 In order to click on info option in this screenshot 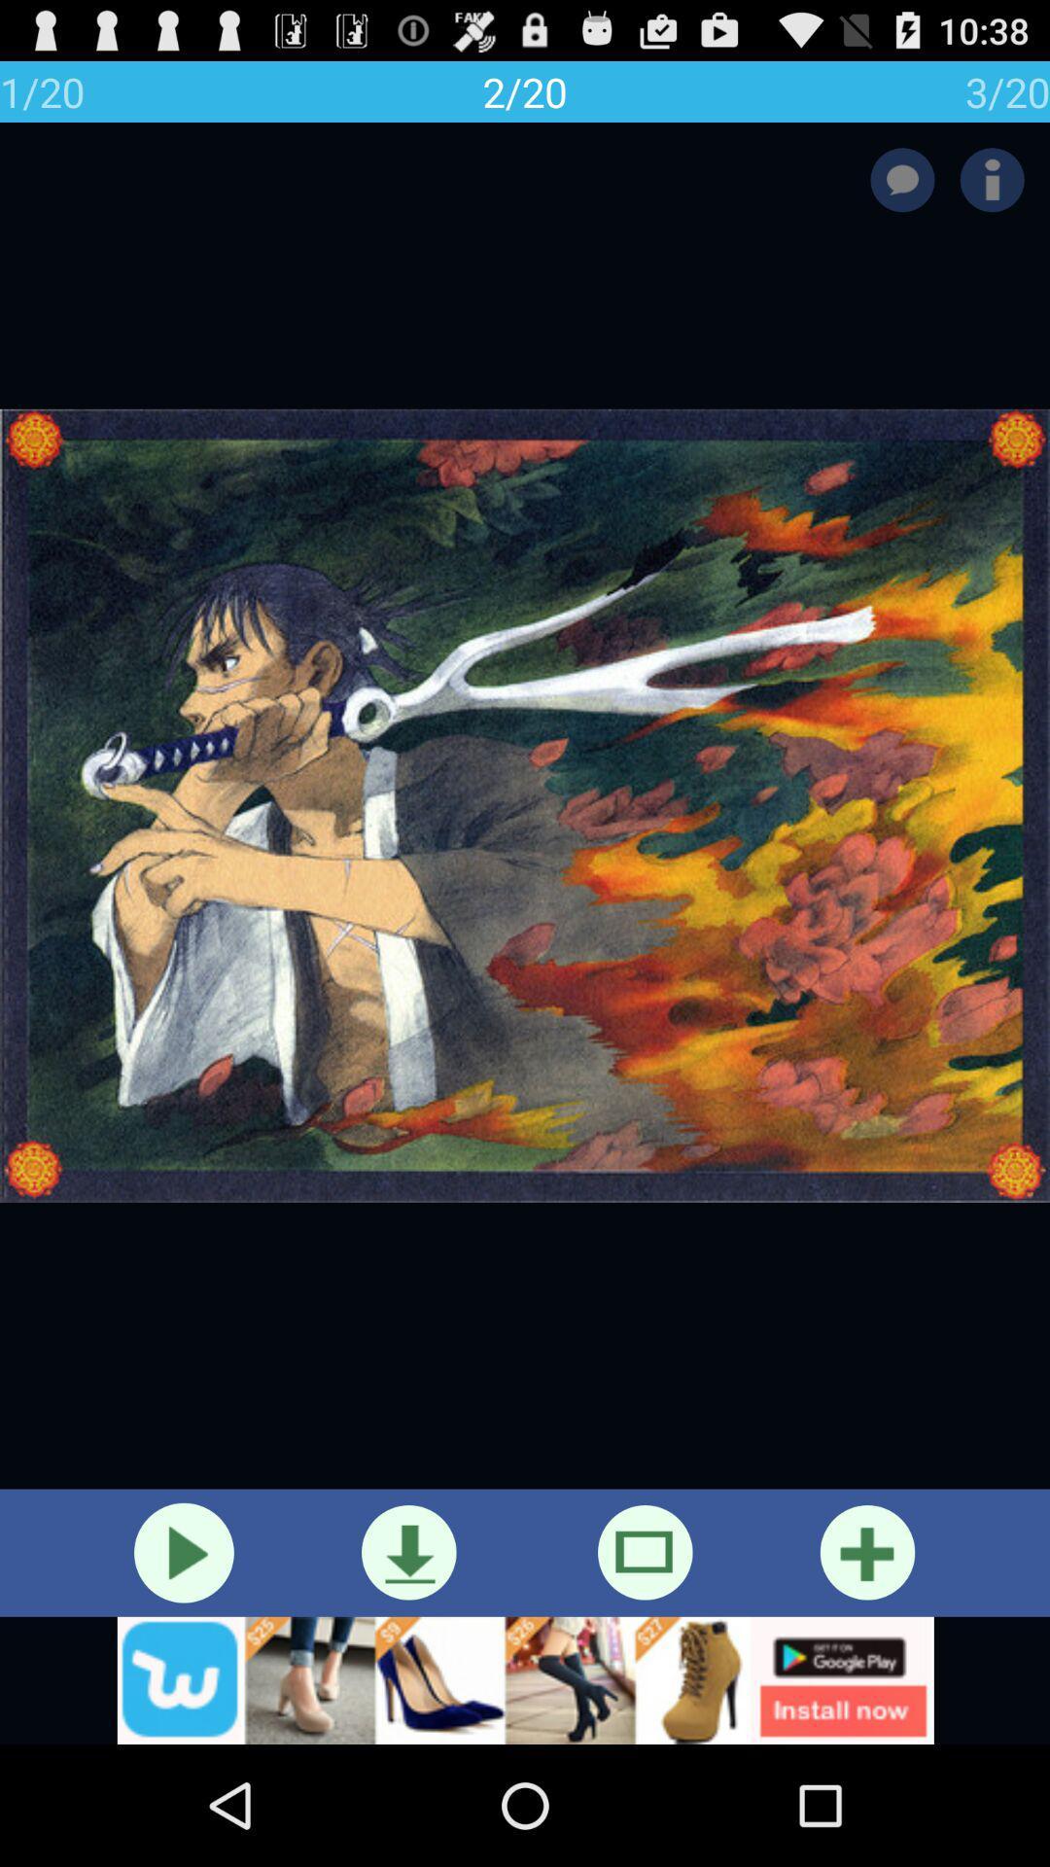, I will do `click(992, 180)`.